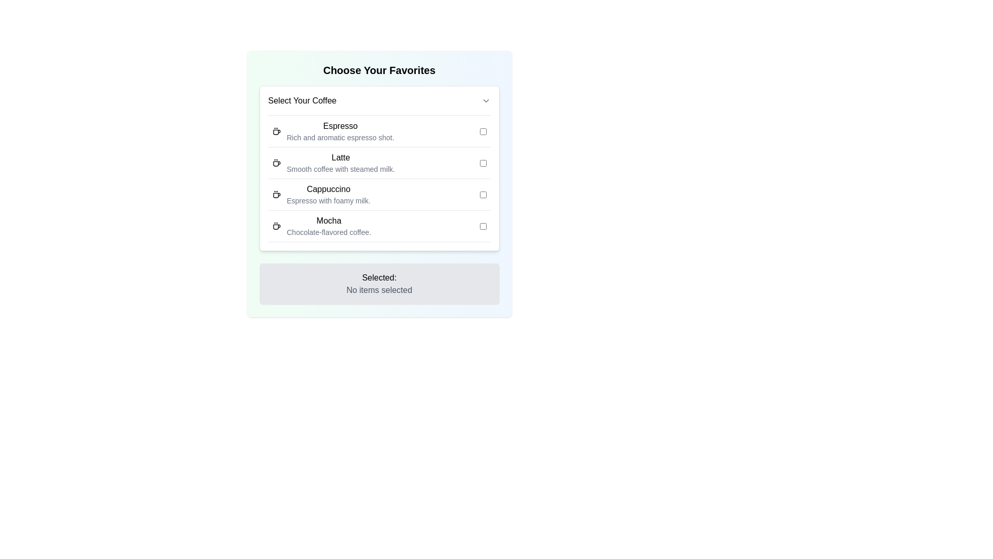  Describe the element at coordinates (328, 201) in the screenshot. I see `text label that describes 'Espresso with foamy milk.', located beneath the 'Cappuccino' title in a vertical list of coffee options` at that location.